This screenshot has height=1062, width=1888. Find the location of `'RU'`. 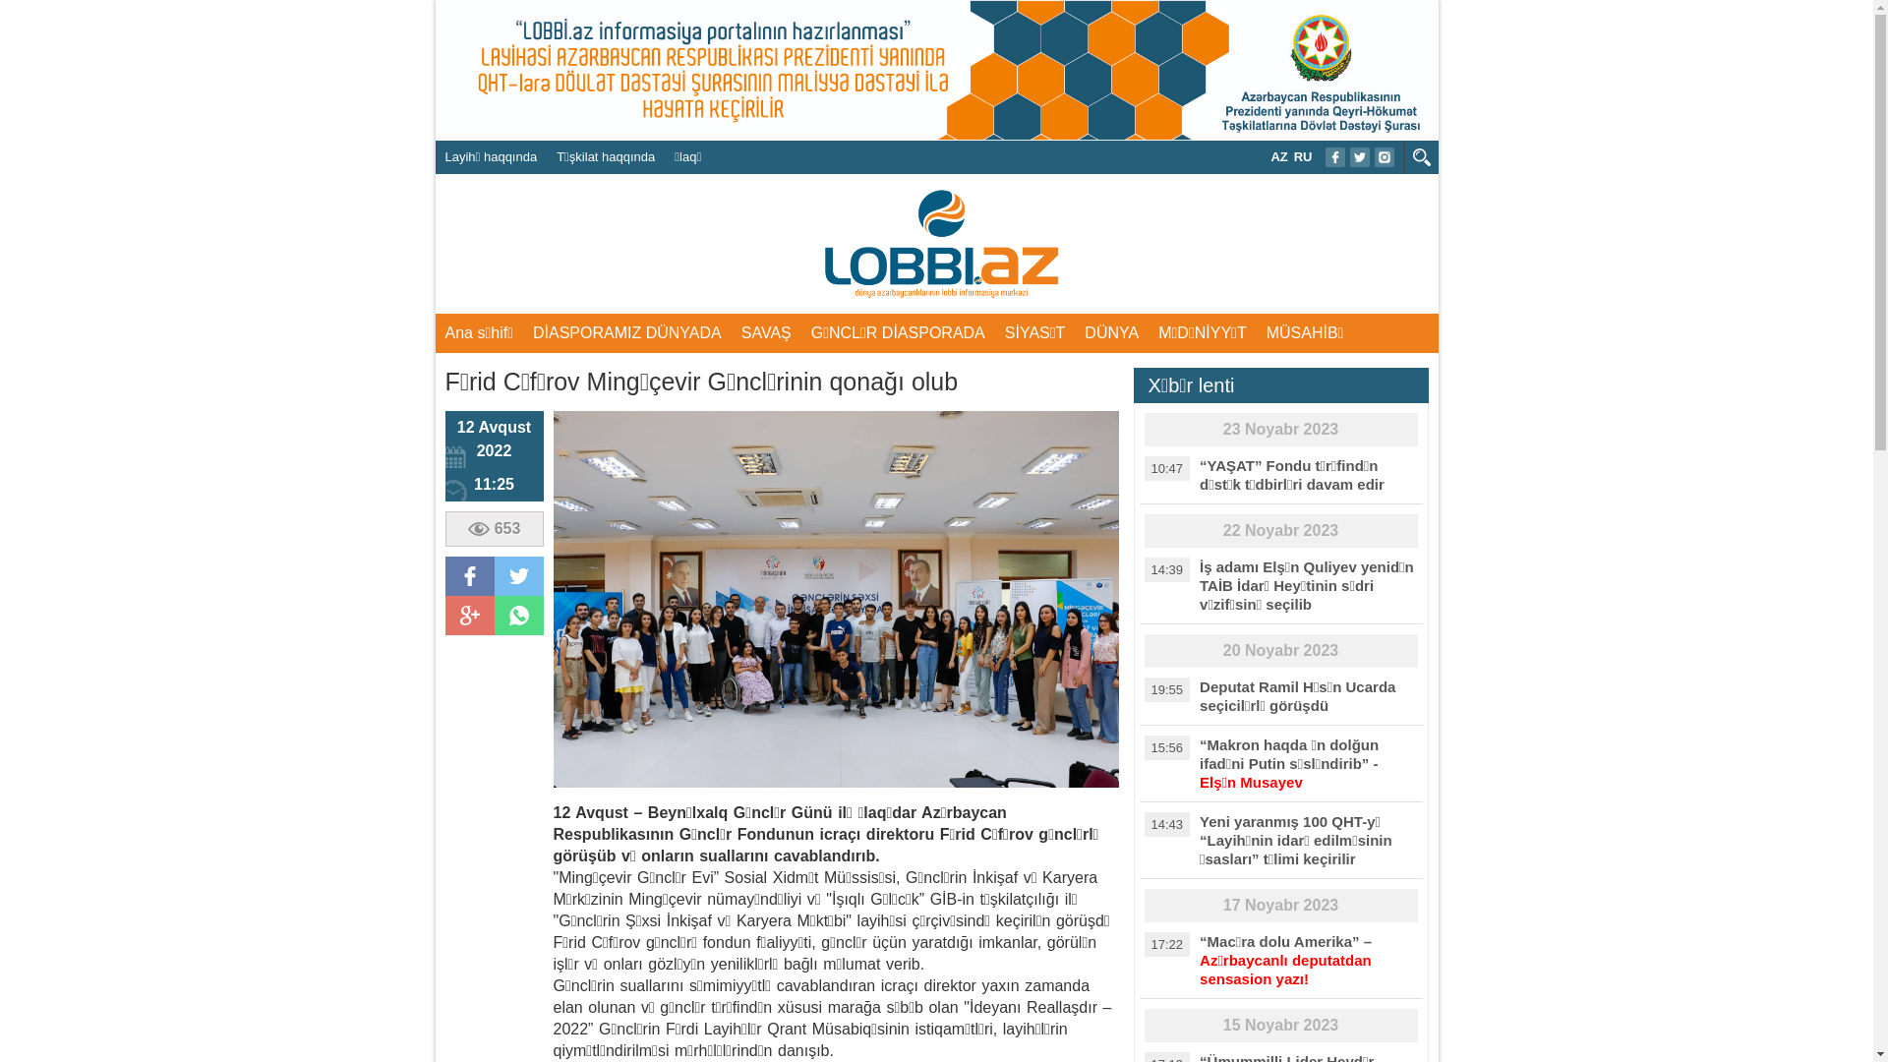

'RU' is located at coordinates (1293, 155).